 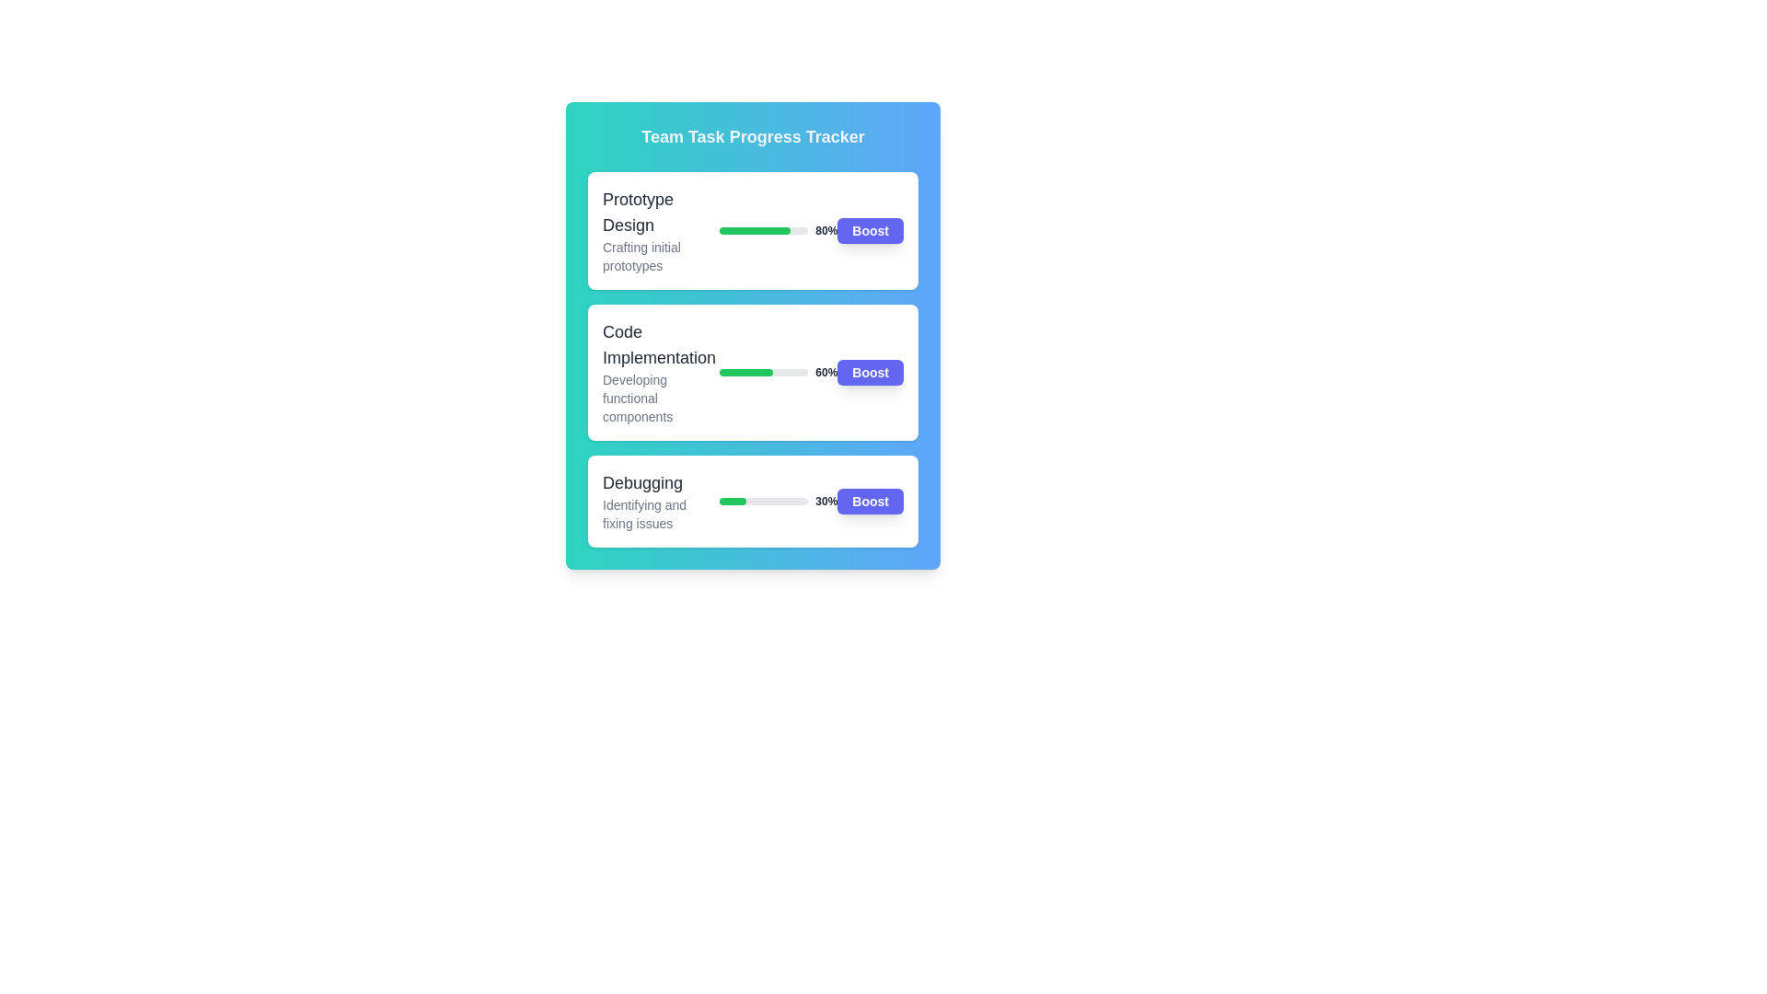 What do you see at coordinates (661, 481) in the screenshot?
I see `the text label indicating the 'Debugging' section, which is located in the third section of a vertically stacked layout` at bounding box center [661, 481].